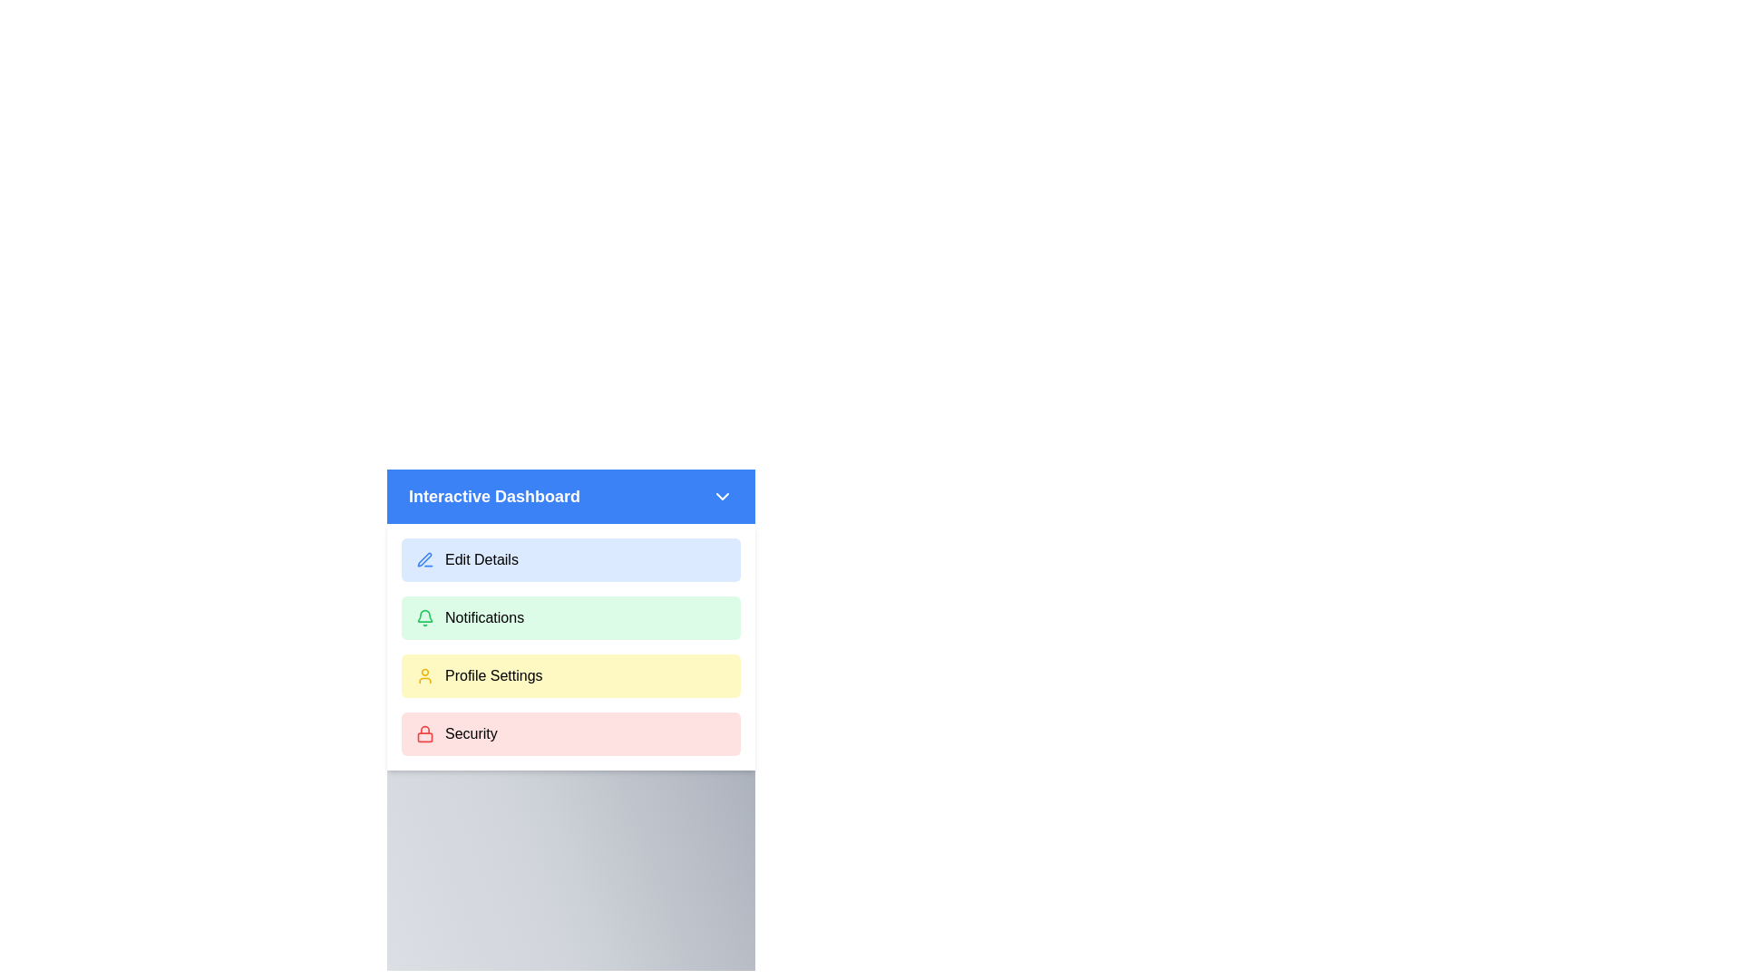 Image resolution: width=1741 pixels, height=979 pixels. Describe the element at coordinates (569, 675) in the screenshot. I see `the menu option Profile Settings from the list` at that location.